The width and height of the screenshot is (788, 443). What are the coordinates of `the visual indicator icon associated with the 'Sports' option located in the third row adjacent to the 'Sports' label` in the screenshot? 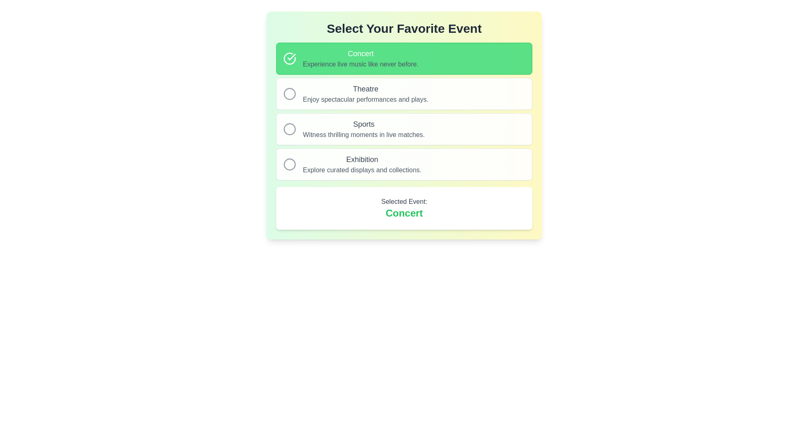 It's located at (289, 129).